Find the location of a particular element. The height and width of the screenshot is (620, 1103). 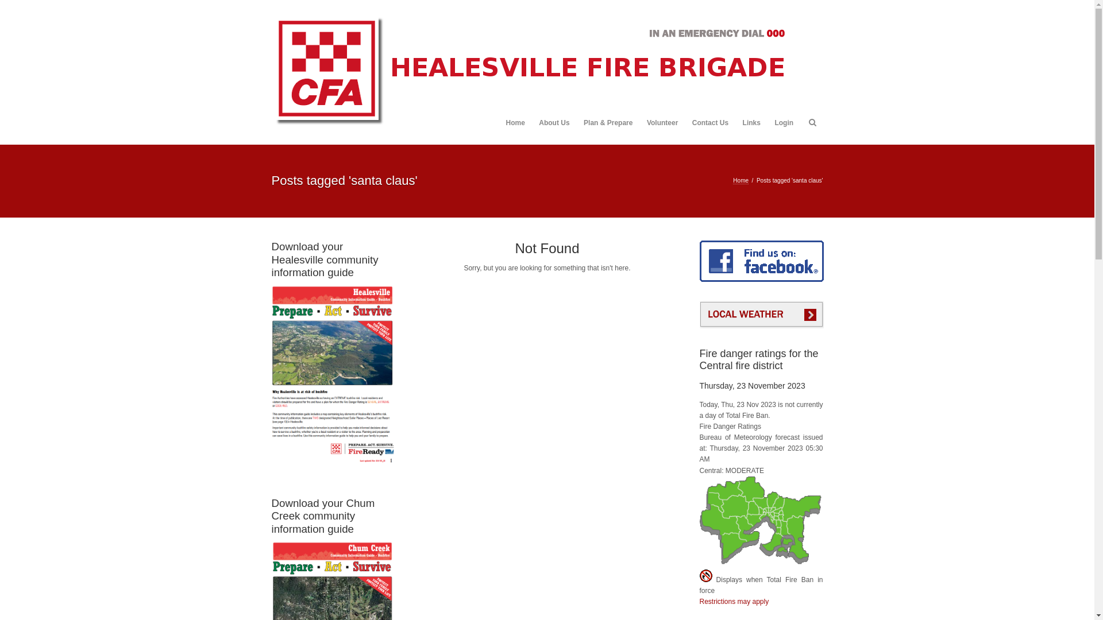

'Plan & Prepare' is located at coordinates (607, 123).